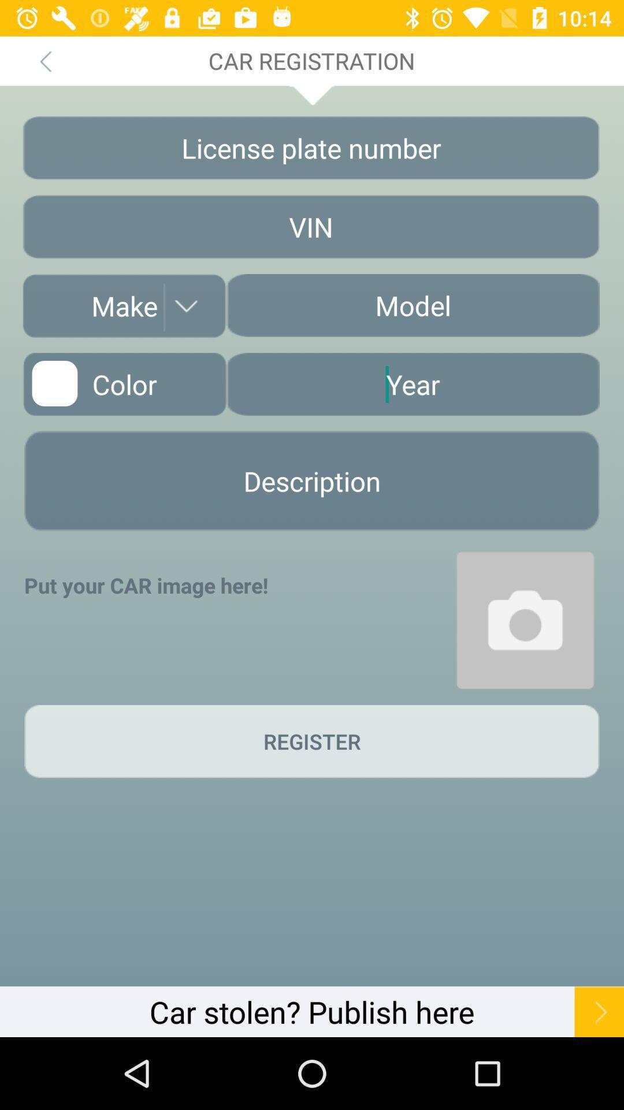 The image size is (624, 1110). What do you see at coordinates (124, 384) in the screenshot?
I see `open color selector option` at bounding box center [124, 384].